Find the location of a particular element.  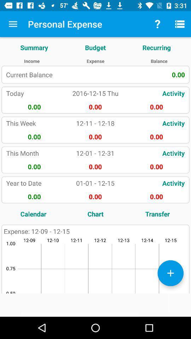

the icon to the right of budget is located at coordinates (156, 47).